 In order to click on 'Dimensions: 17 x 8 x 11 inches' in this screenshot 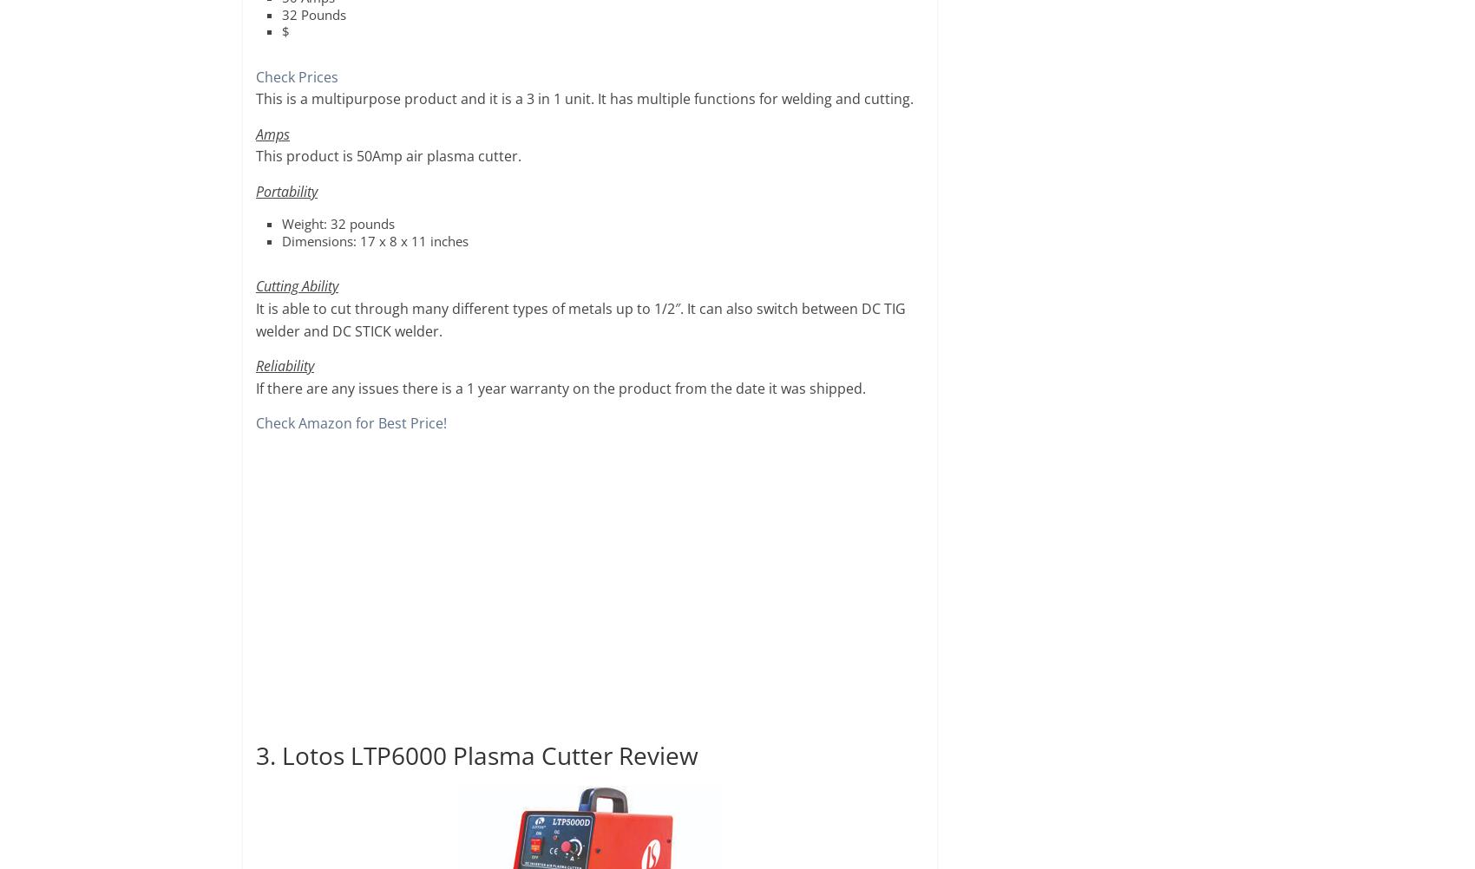, I will do `click(281, 238)`.